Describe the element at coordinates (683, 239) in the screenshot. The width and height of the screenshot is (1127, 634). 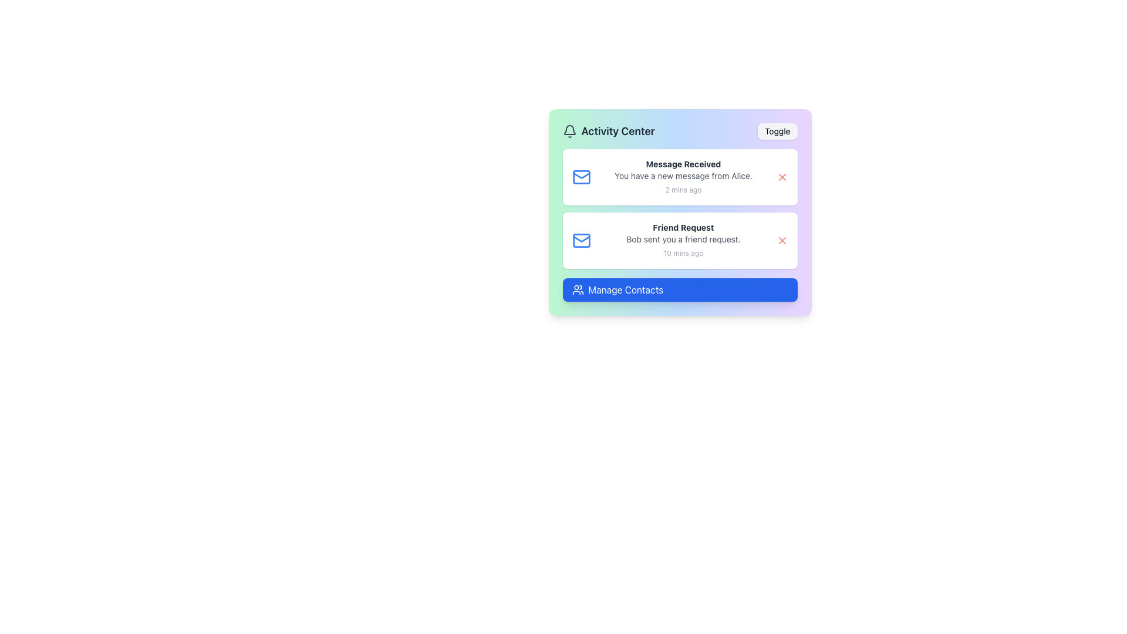
I see `the text element that informs the user about an incoming friend request from Bob, located in the second notification section of the activity center` at that location.